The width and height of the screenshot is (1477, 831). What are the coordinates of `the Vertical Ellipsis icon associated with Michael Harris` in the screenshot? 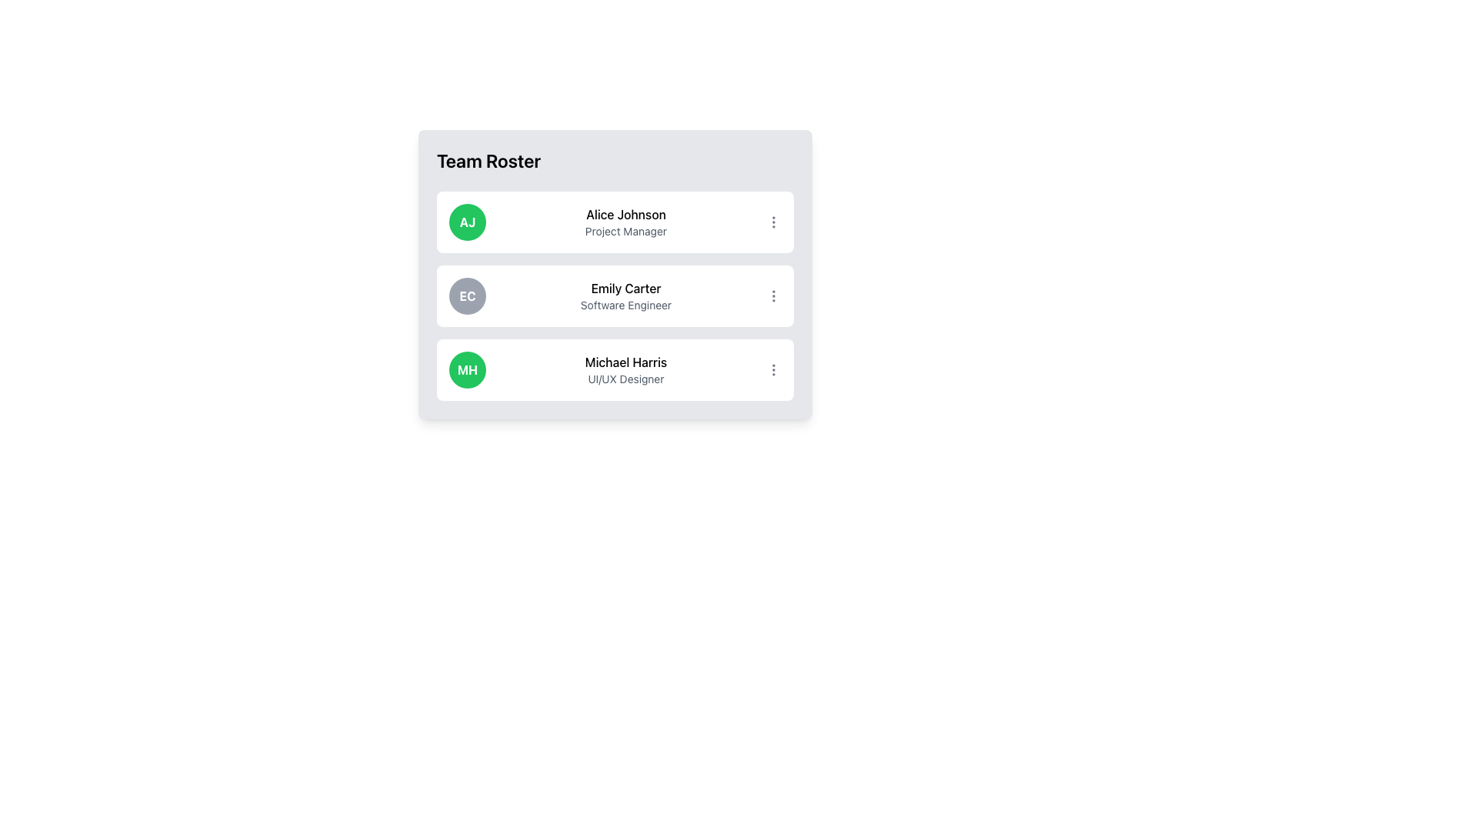 It's located at (774, 370).